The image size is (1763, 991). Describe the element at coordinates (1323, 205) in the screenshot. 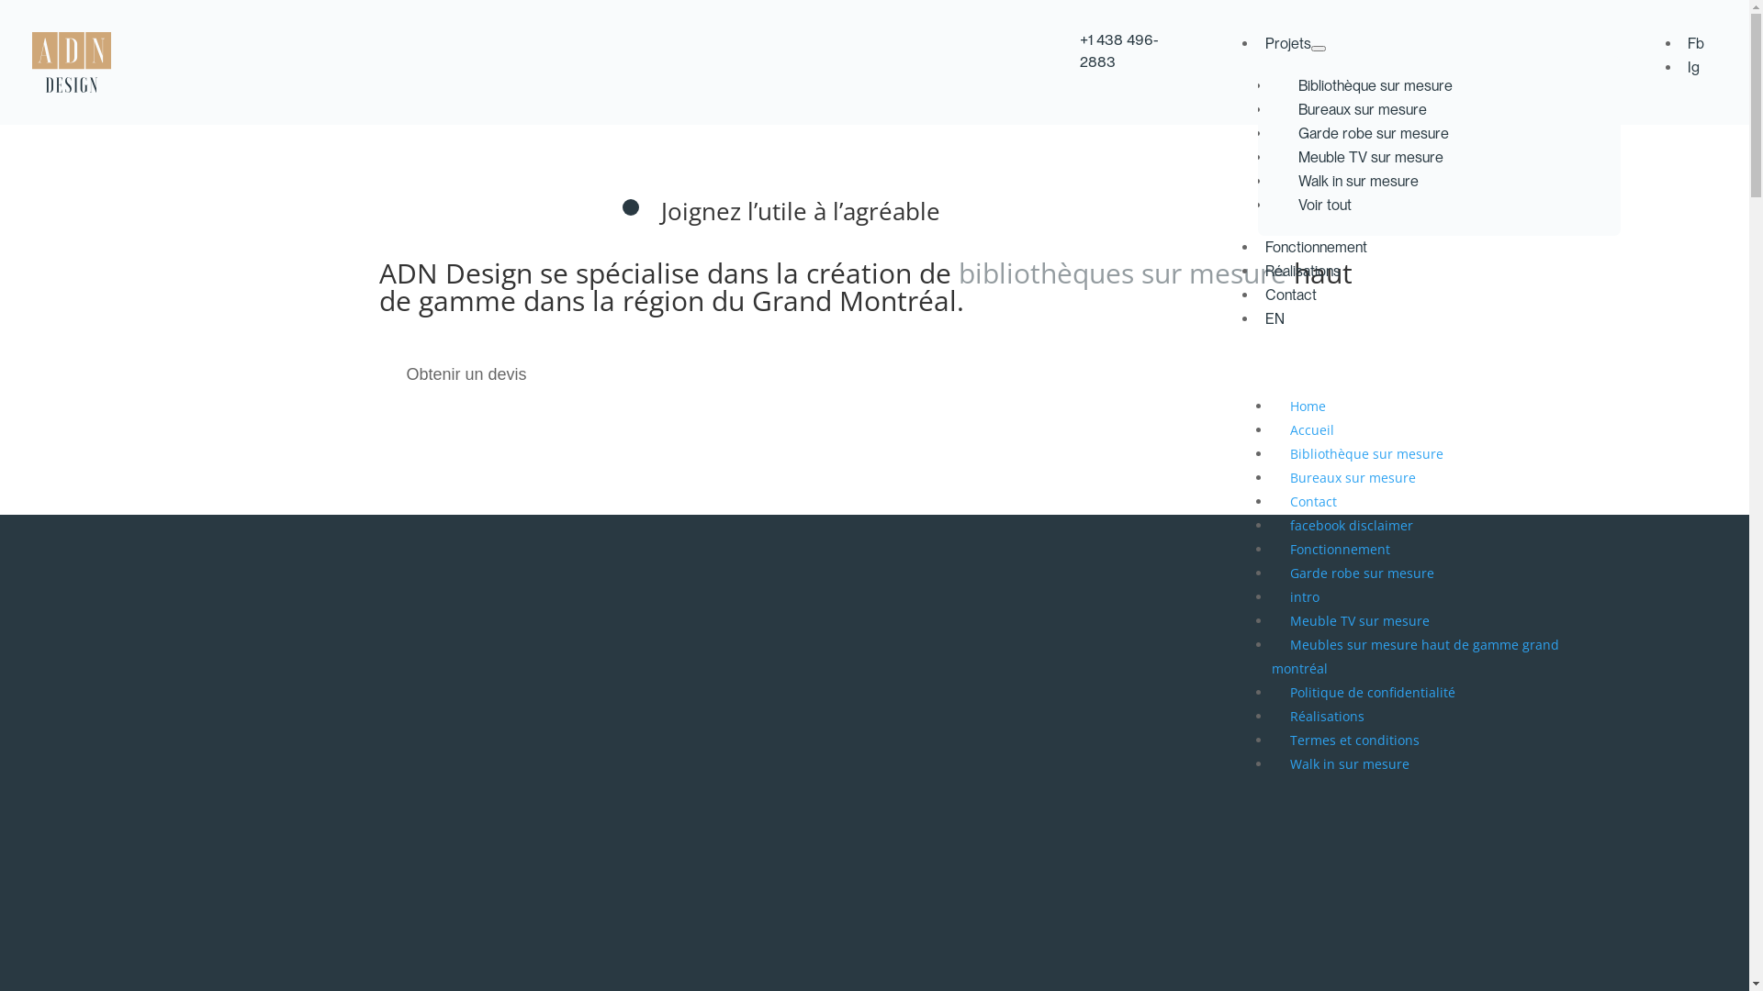

I see `'Voir tout'` at that location.